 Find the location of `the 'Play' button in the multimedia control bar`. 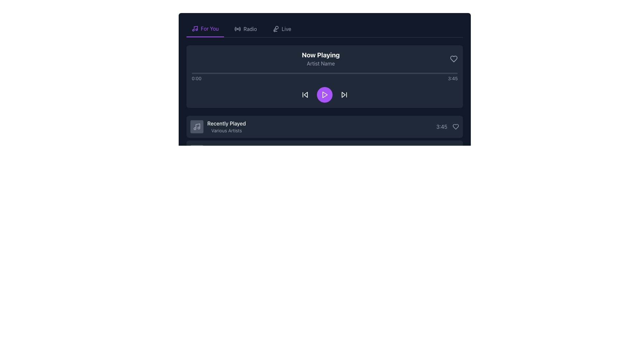

the 'Play' button in the multimedia control bar is located at coordinates (325, 95).